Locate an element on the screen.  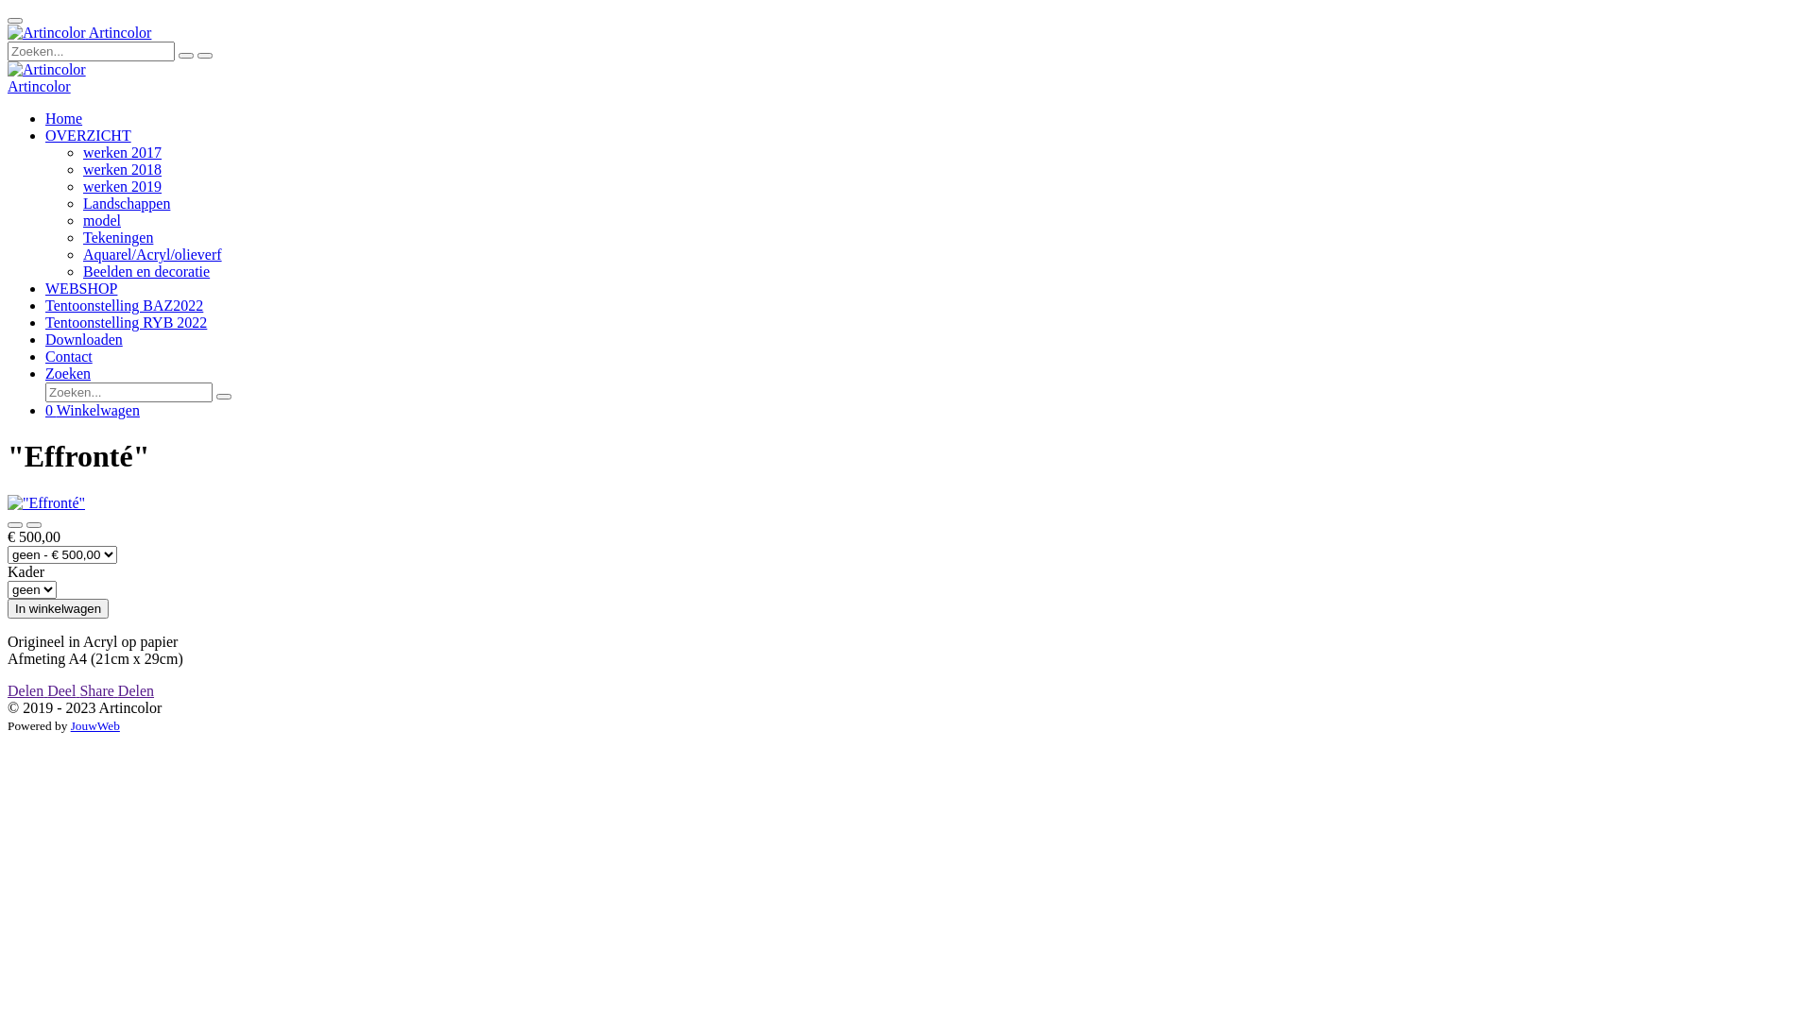
'In winkelwagen' is located at coordinates (58, 608).